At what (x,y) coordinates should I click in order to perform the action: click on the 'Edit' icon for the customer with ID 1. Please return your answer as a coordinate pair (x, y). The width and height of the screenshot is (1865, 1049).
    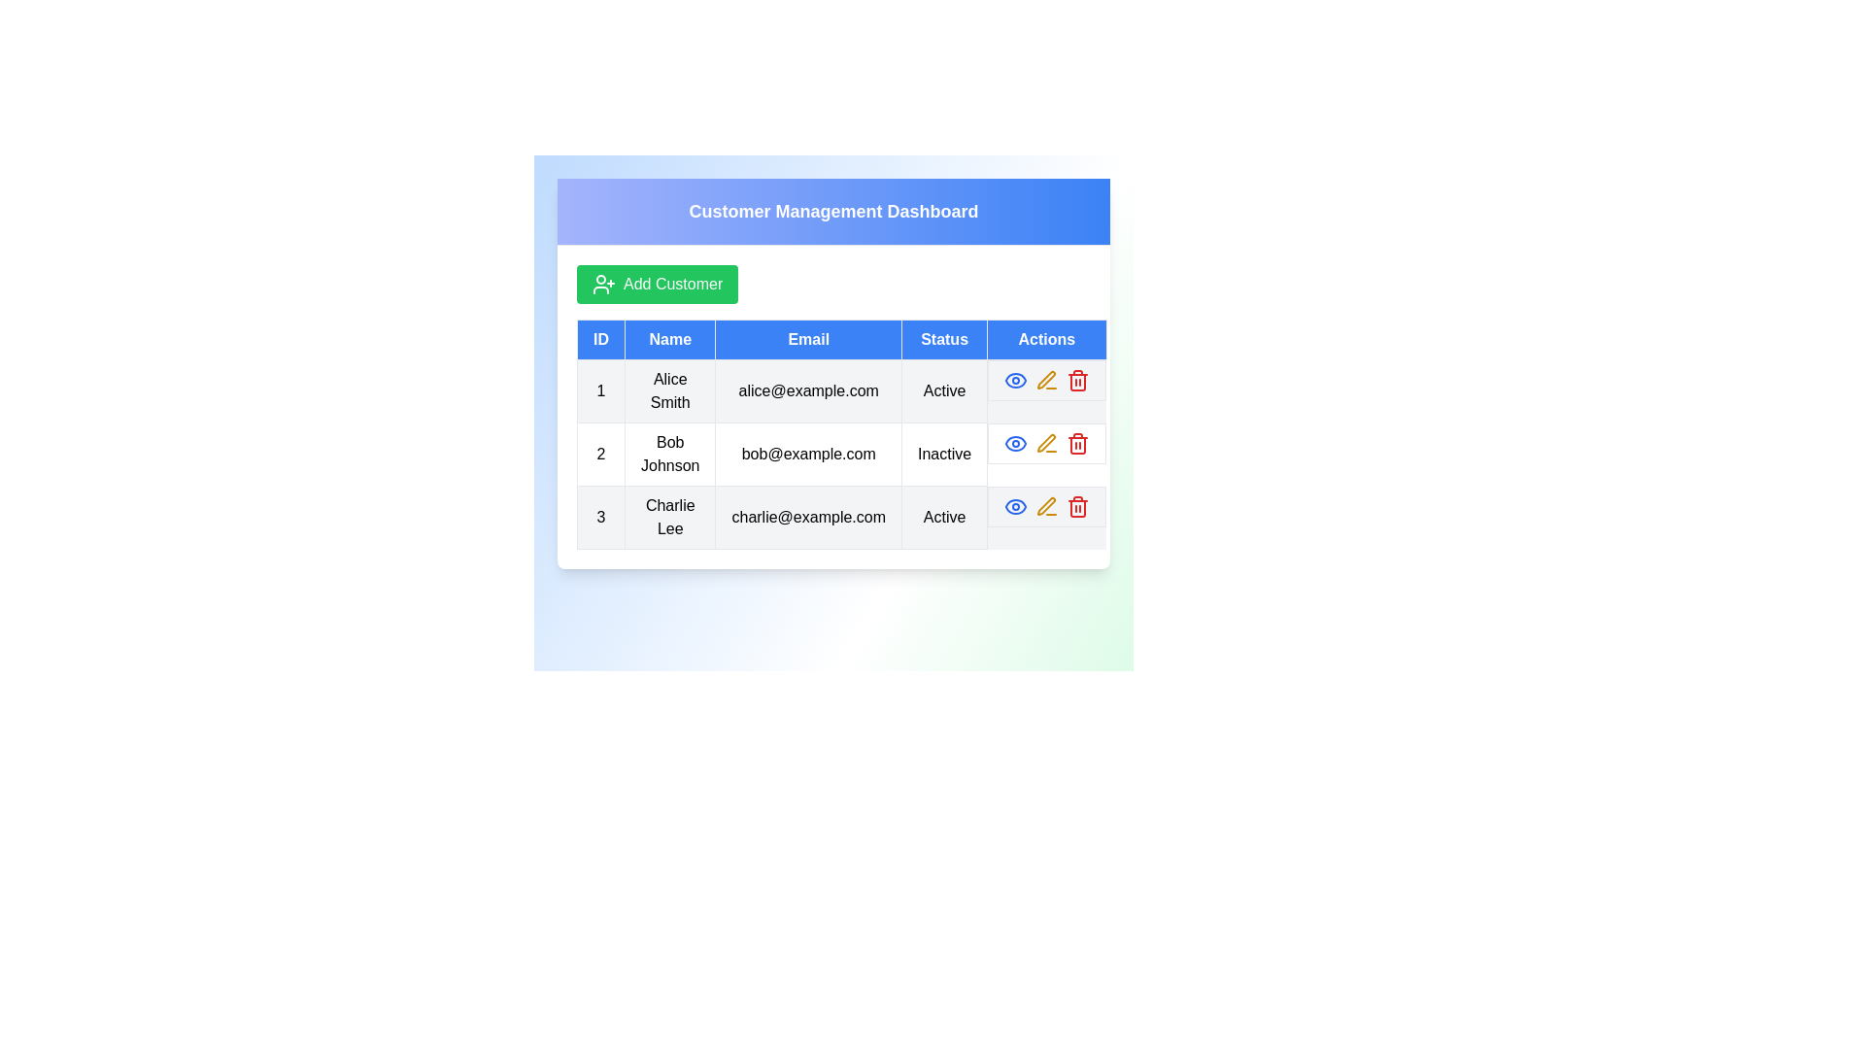
    Looking at the image, I should click on (1046, 381).